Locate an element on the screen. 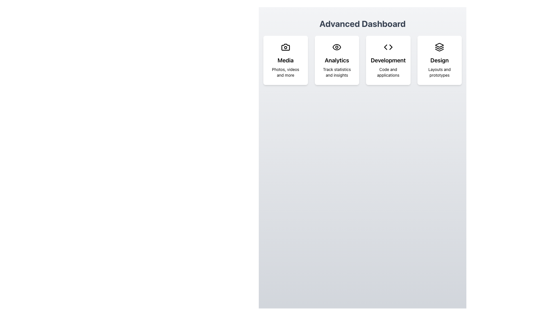 This screenshot has height=309, width=549. the 'Layering' SVG graphic icon located near the upper-right corner of the dashboard, just above the 'Design' text is located at coordinates (439, 45).